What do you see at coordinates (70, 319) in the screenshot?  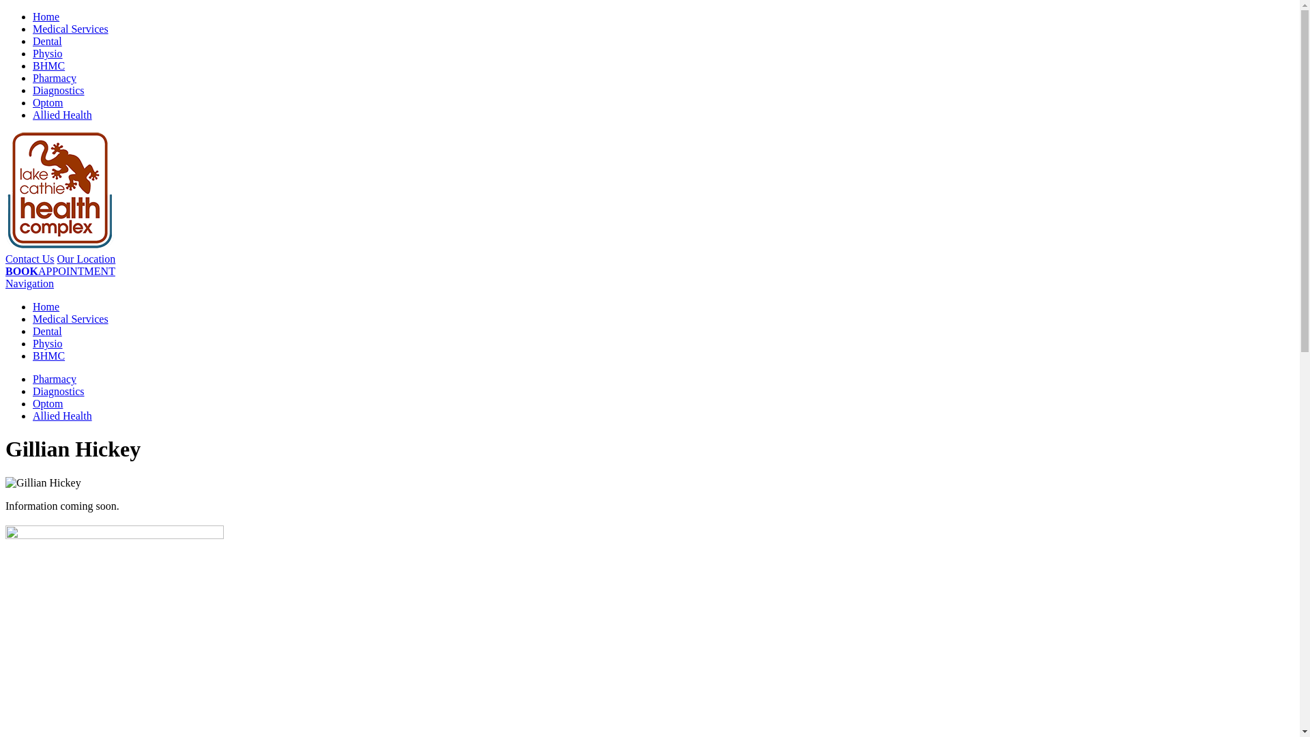 I see `'Medical Services'` at bounding box center [70, 319].